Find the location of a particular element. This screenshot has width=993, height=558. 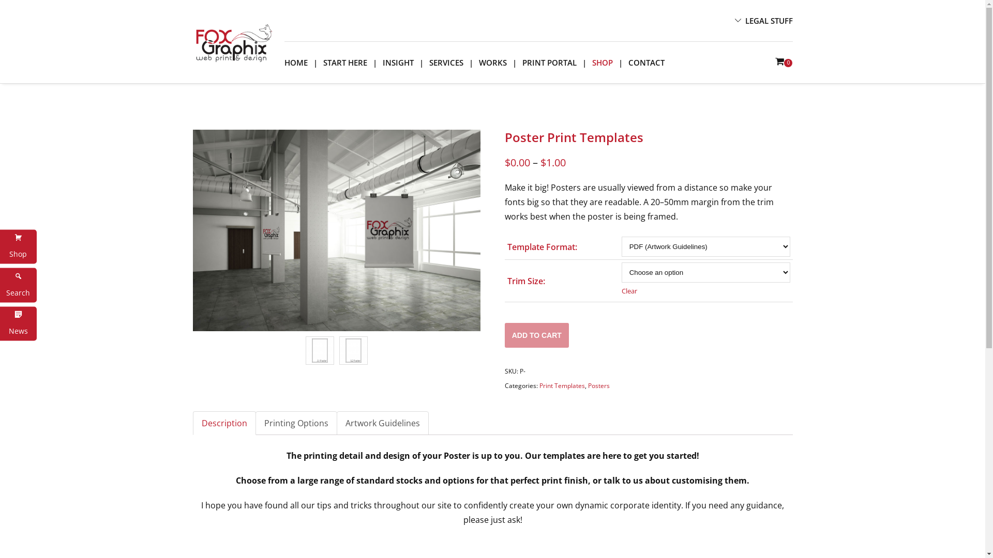

'CONTACT' is located at coordinates (645, 62).